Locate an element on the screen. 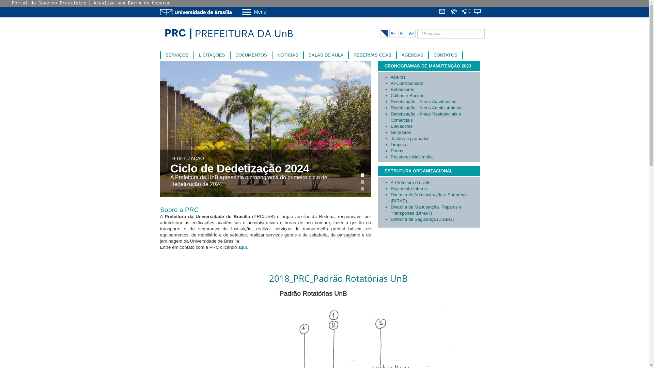 This screenshot has width=654, height=368. 'Calhas e Bueiros' is located at coordinates (434, 96).